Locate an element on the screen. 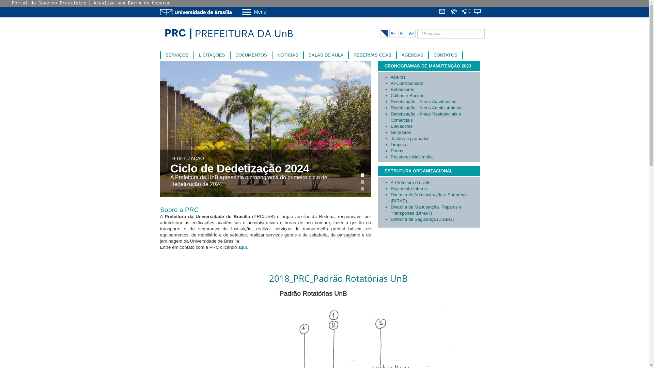 This screenshot has width=654, height=368. 'Calhas e Bueiros' is located at coordinates (434, 96).